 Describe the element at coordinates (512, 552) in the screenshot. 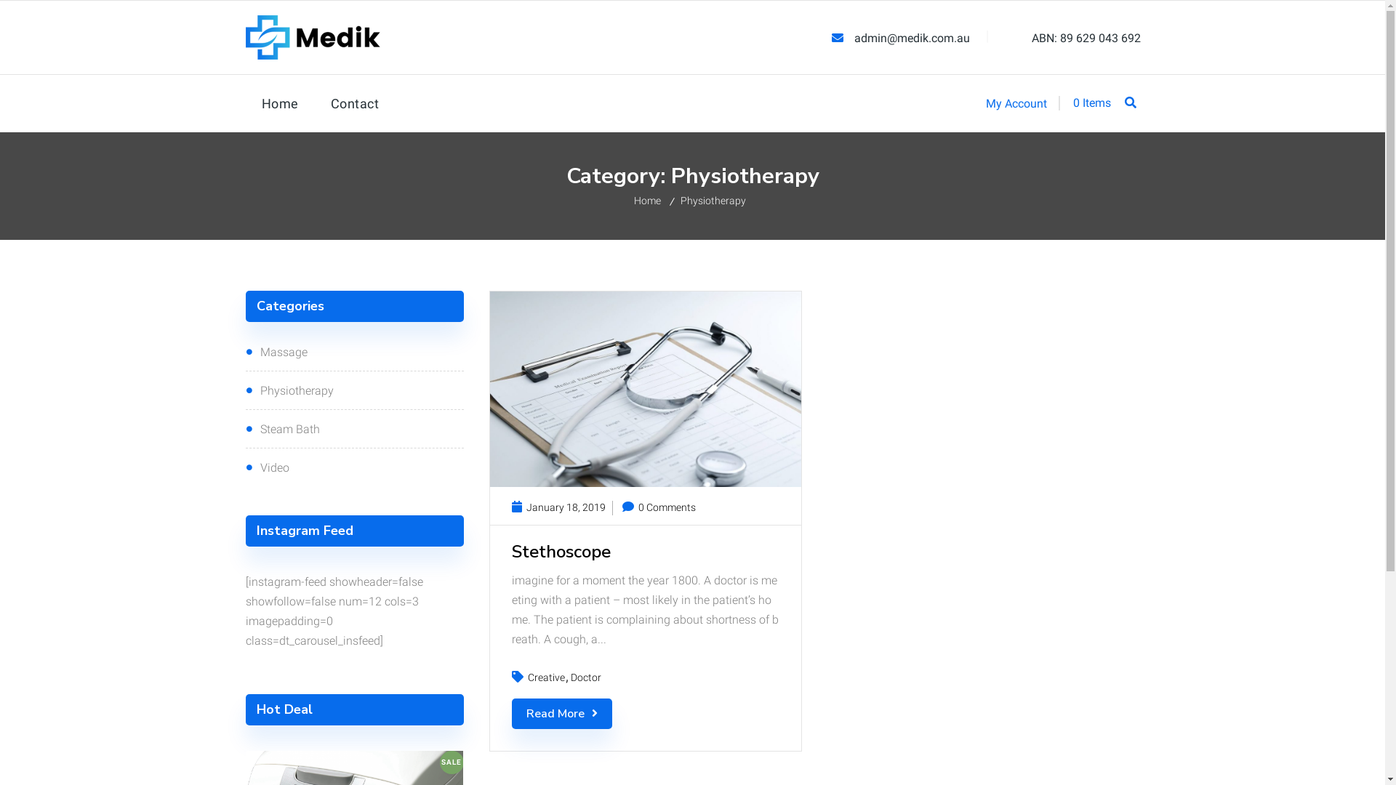

I see `'Stethoscope'` at that location.